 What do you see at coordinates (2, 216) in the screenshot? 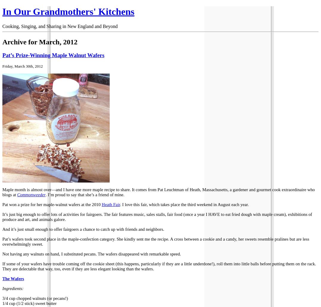
I see `'It’s just big enough to offer lots of activities for fairgoers. The fair features music, sales stalls, fair food (once a year I HAVE to eat fried dough with maple cream), exhibitions of produce and art, and animals galore.'` at bounding box center [2, 216].